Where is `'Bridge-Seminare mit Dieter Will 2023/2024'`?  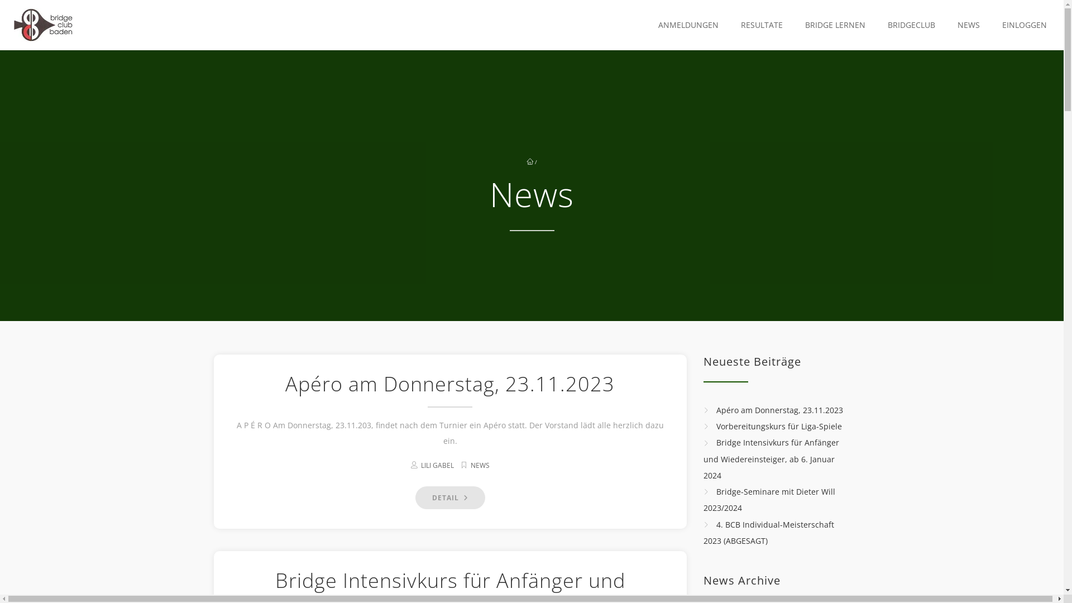 'Bridge-Seminare mit Dieter Will 2023/2024' is located at coordinates (768, 499).